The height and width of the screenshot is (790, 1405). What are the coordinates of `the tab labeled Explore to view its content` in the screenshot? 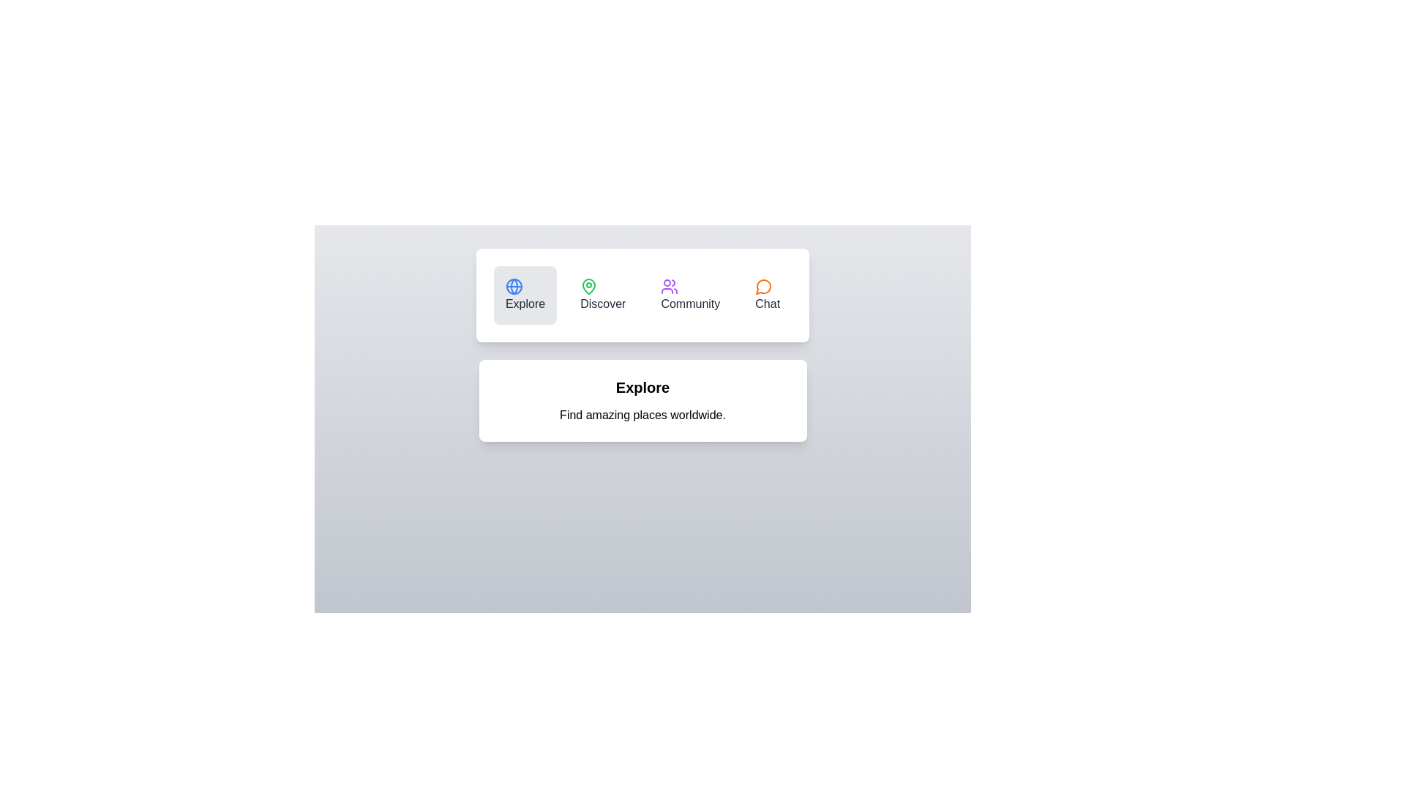 It's located at (525, 296).